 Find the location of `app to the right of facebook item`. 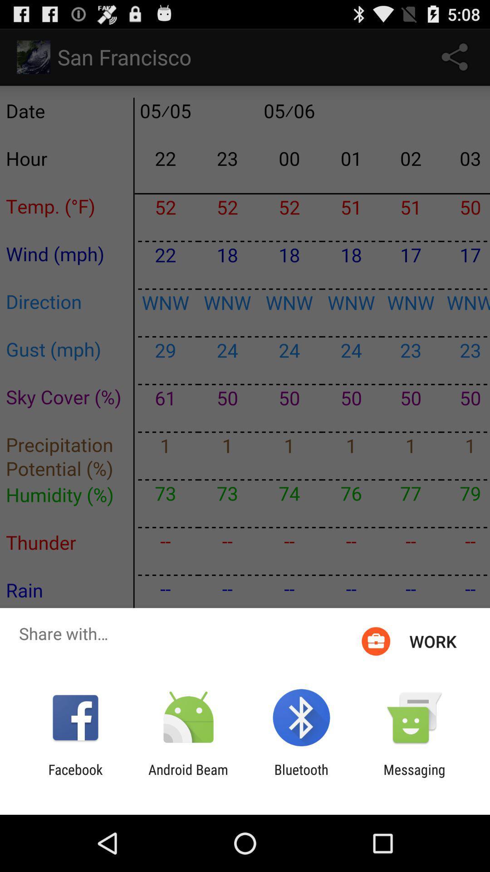

app to the right of facebook item is located at coordinates (188, 777).